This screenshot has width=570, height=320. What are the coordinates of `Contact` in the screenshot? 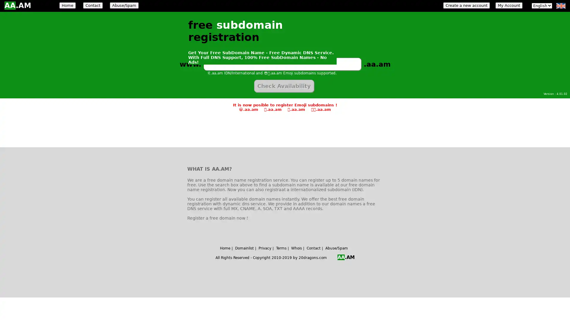 It's located at (92, 5).